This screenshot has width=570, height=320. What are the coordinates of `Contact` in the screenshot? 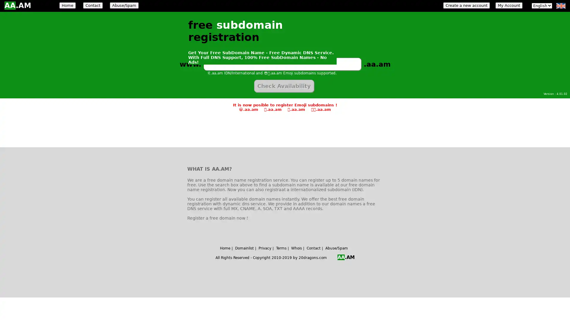 It's located at (92, 5).